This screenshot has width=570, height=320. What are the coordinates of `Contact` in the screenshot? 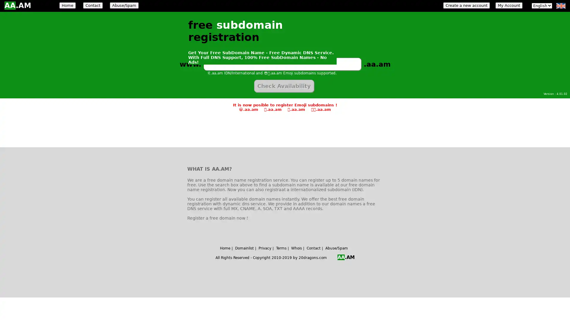 It's located at (92, 5).